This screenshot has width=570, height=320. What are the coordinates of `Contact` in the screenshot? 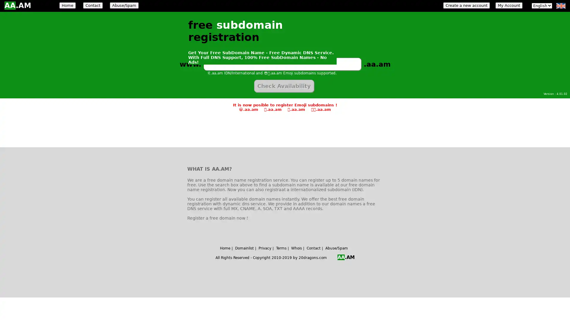 It's located at (92, 5).